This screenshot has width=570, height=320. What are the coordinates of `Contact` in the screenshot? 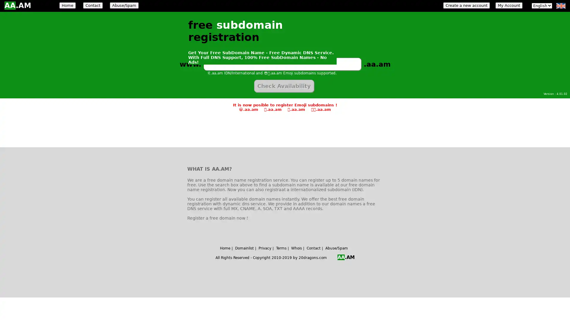 It's located at (92, 5).